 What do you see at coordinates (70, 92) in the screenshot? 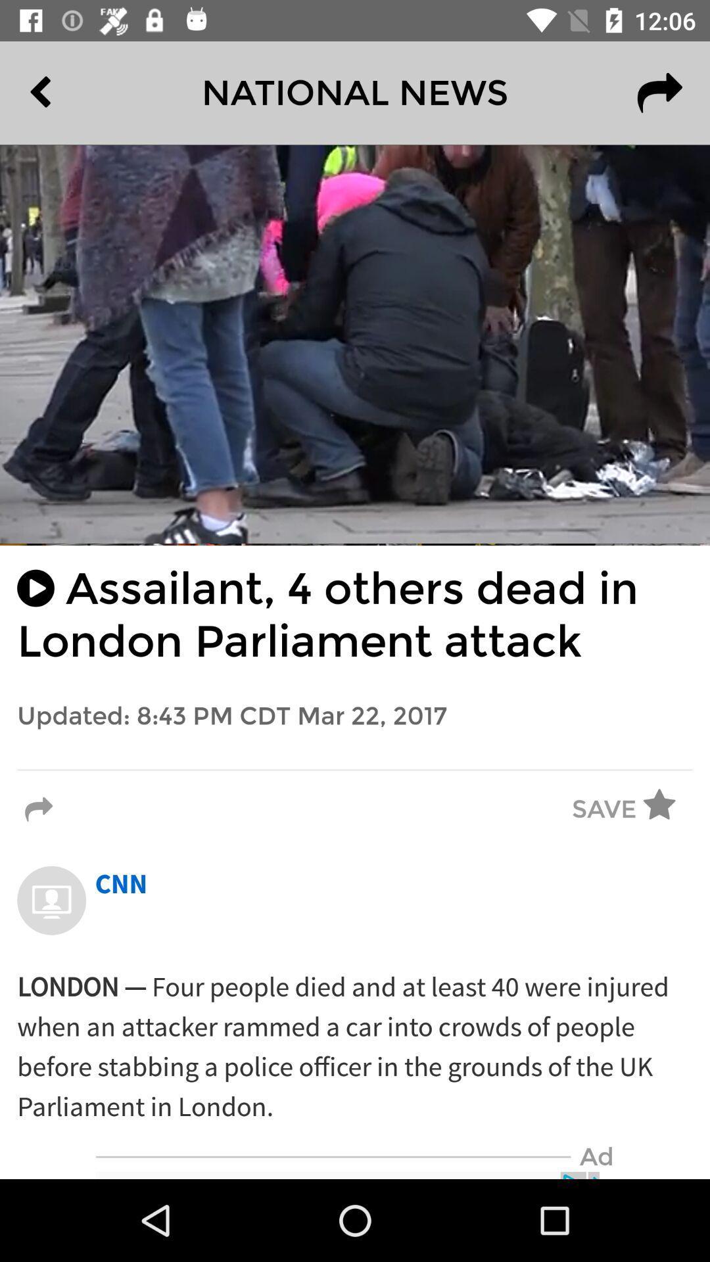
I see `the item to the left of the national news item` at bounding box center [70, 92].